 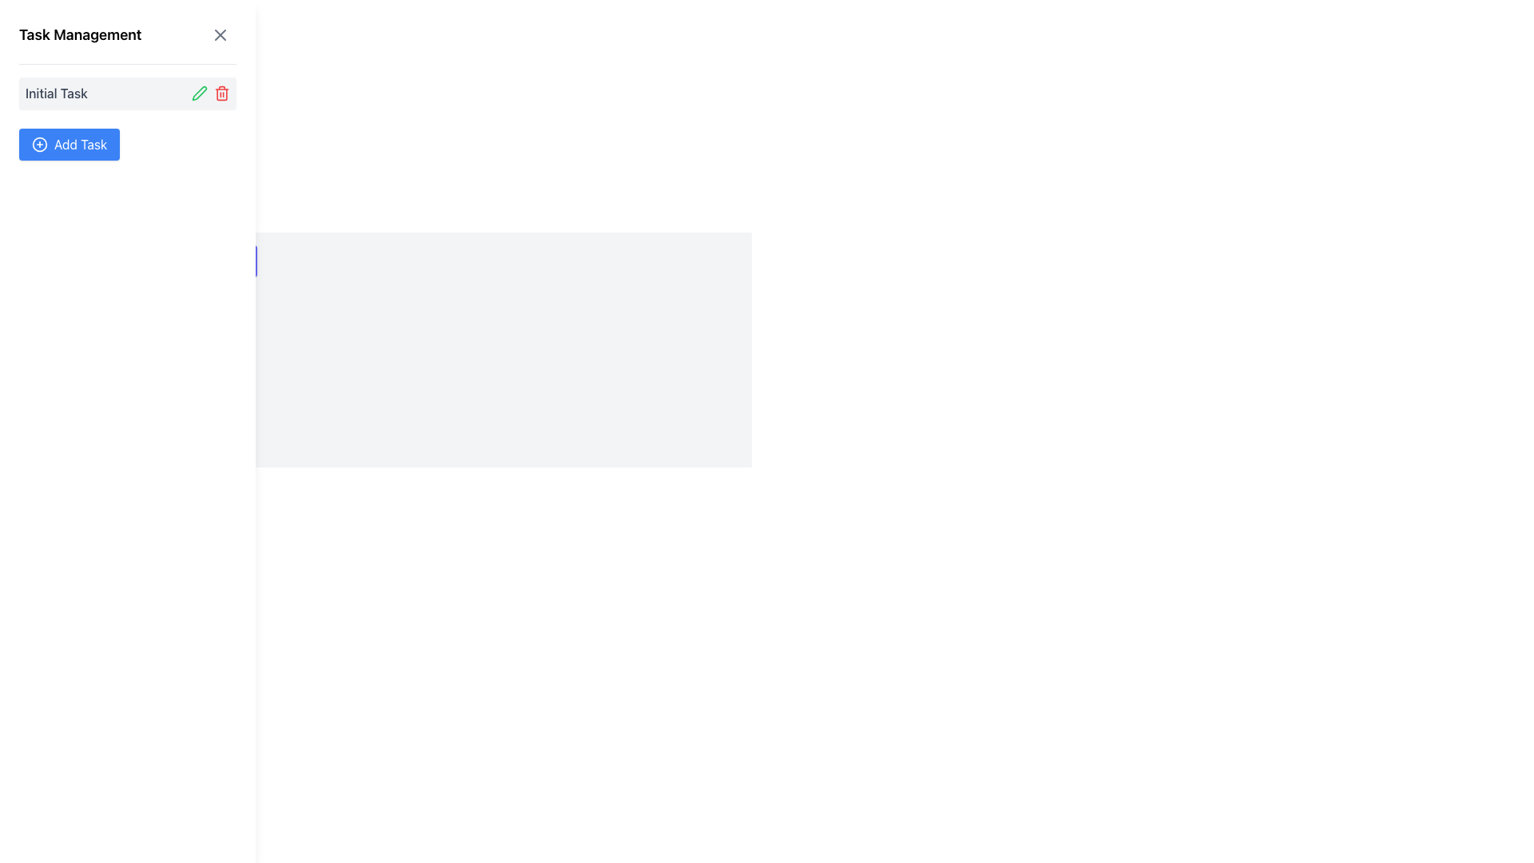 I want to click on the 'Add Task' button, which displays white text on a blue background and is located near the right side of the task management panel, so click(x=80, y=145).